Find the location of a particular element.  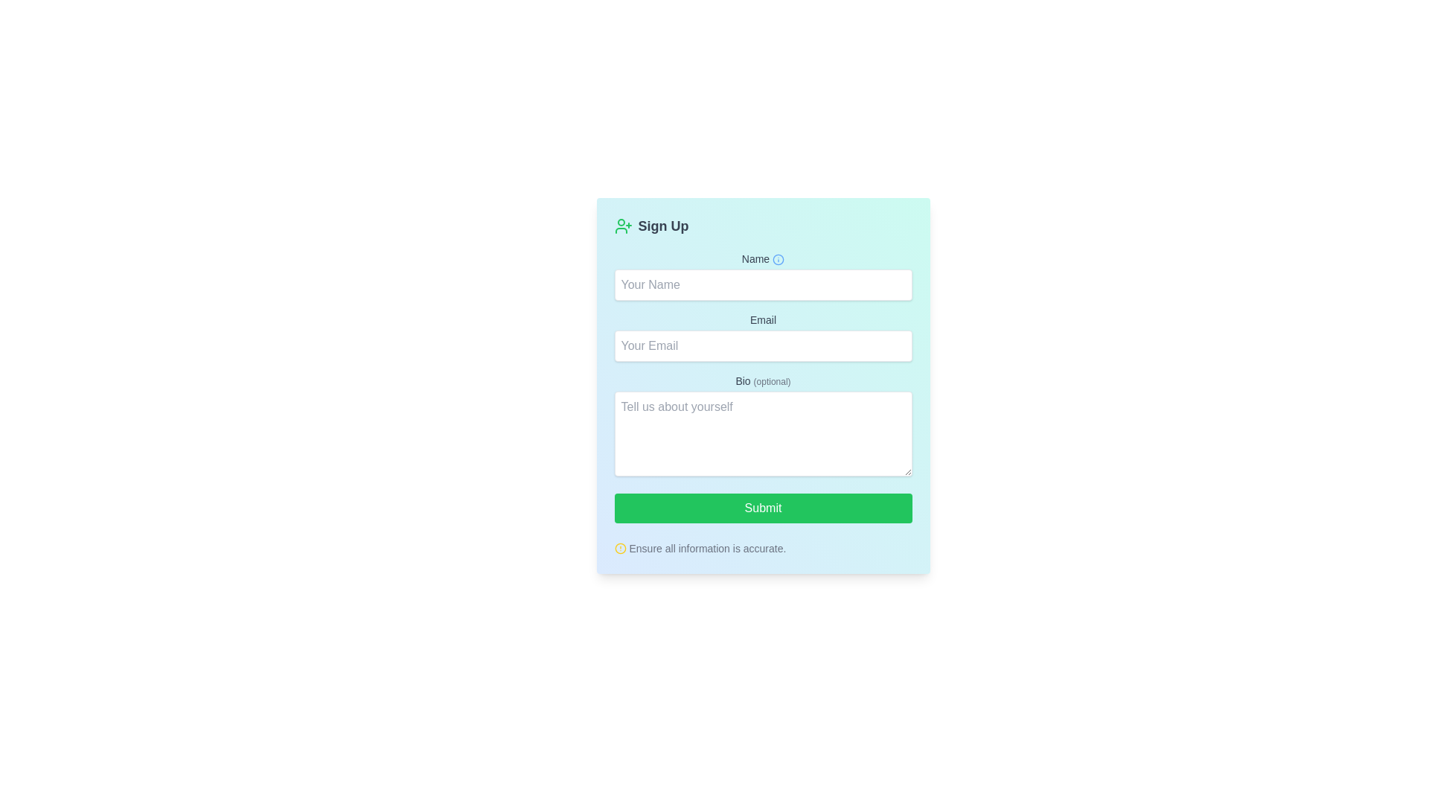

the small circular blue outline icon with an 'i' symbol, which is positioned to the right of the 'Name' label in the user form is located at coordinates (778, 259).